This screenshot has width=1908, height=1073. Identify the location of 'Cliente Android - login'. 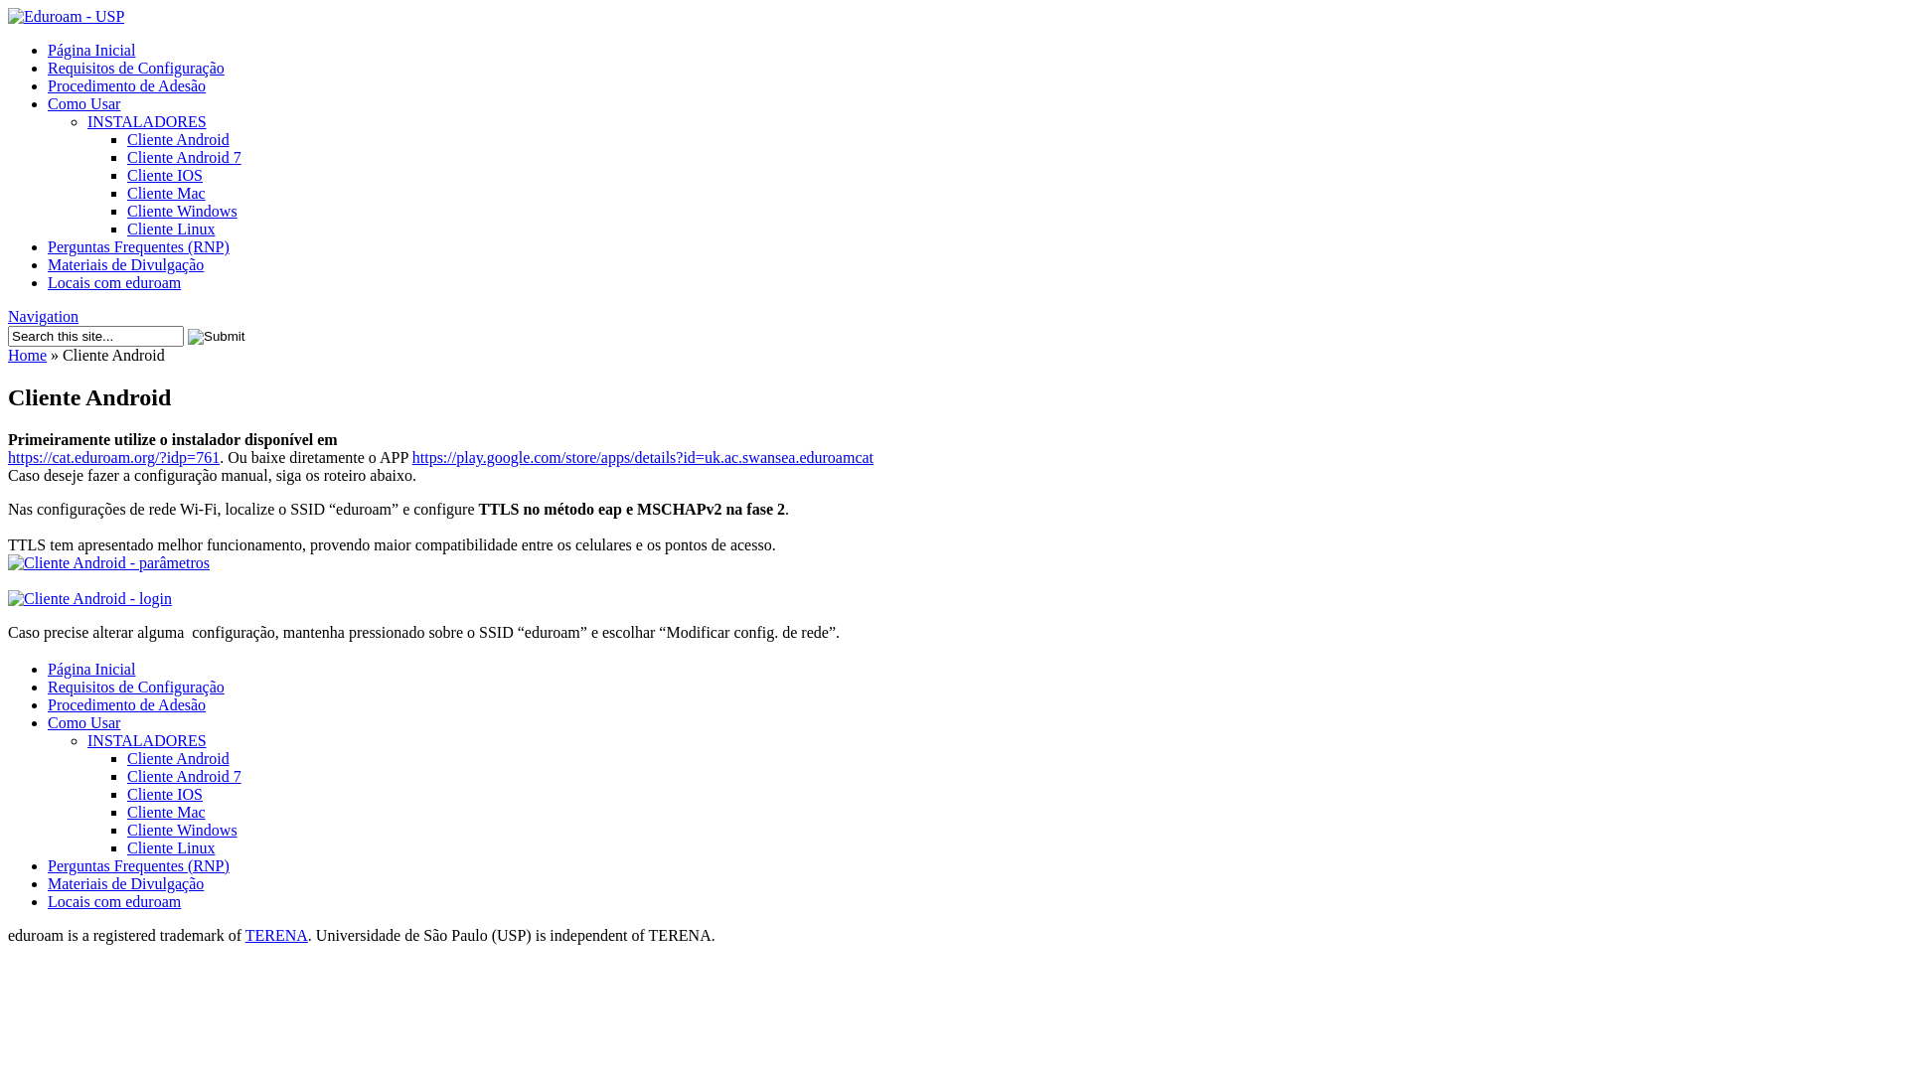
(88, 597).